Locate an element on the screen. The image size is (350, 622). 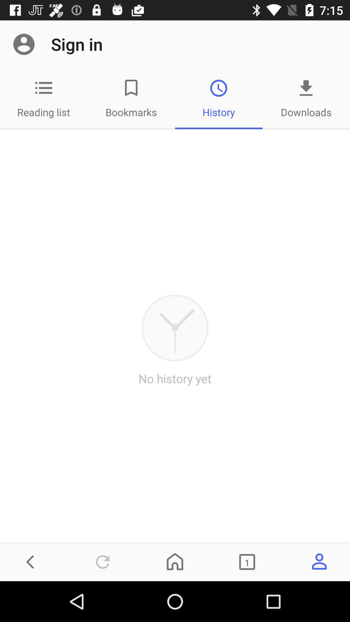
the home icon is located at coordinates (175, 561).